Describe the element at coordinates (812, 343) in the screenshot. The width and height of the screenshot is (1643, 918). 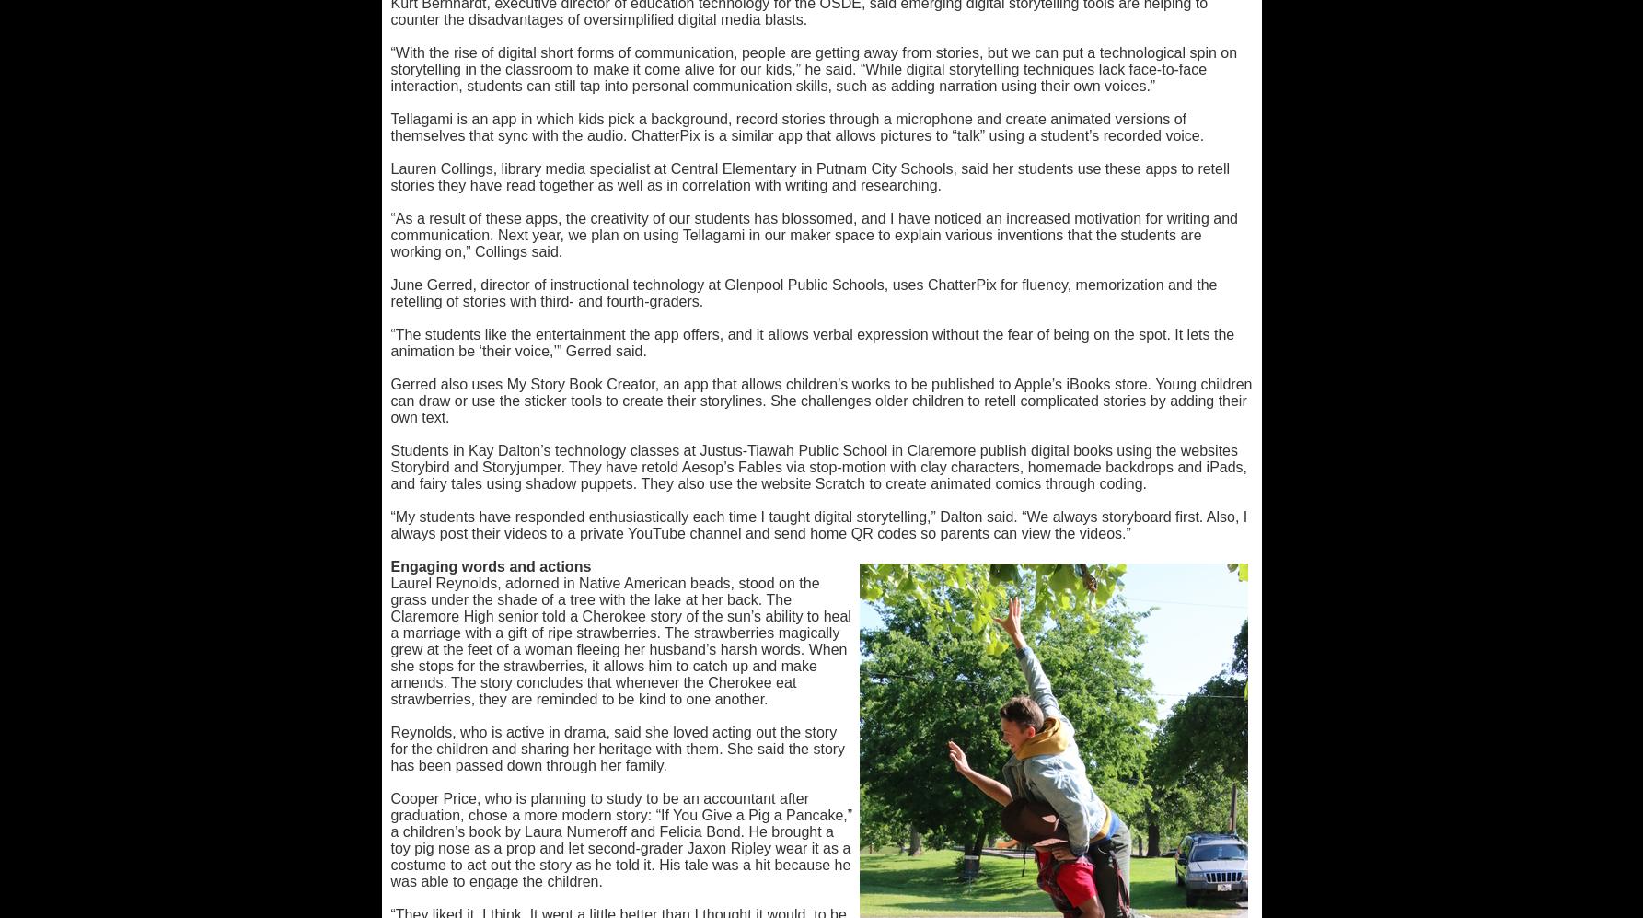
I see `'“The students like the entertainment the app offers, and it allows verbal expression without the fear of being on the spot. It lets the animation be ‘their voice,’” Gerred said.'` at that location.